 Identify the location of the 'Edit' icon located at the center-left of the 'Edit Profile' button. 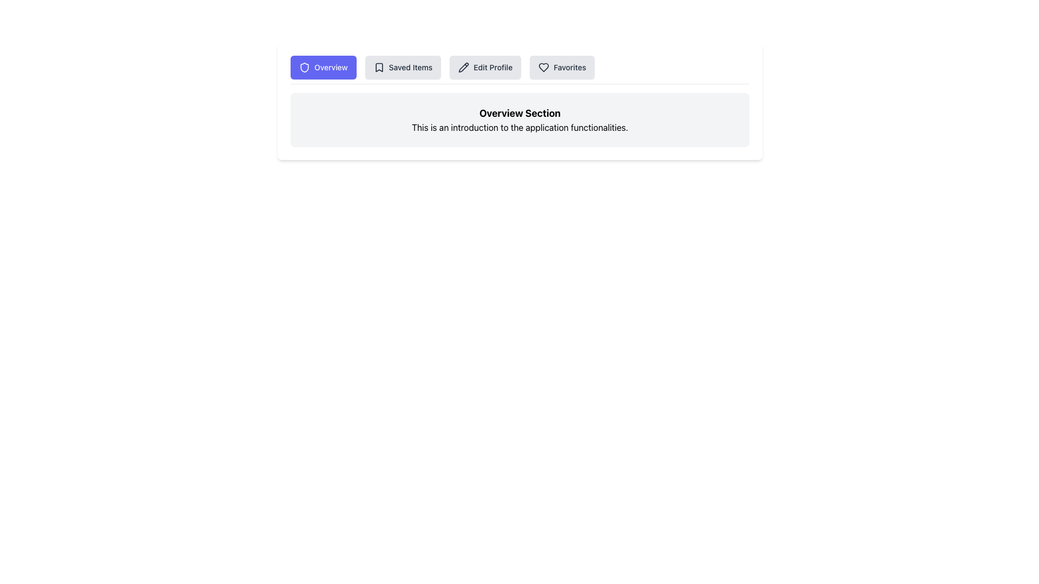
(464, 67).